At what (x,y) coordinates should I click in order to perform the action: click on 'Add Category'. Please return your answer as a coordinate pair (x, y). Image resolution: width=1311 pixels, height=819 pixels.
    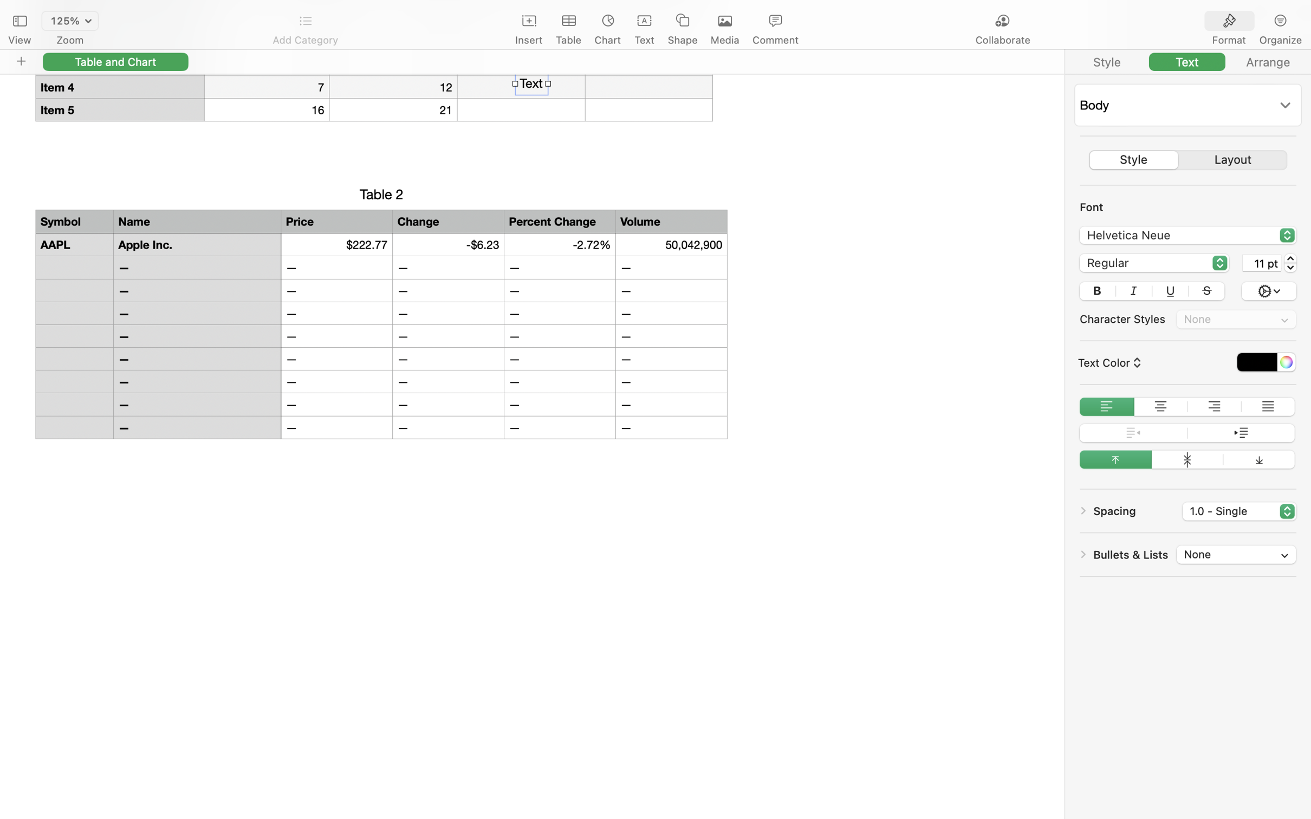
    Looking at the image, I should click on (304, 40).